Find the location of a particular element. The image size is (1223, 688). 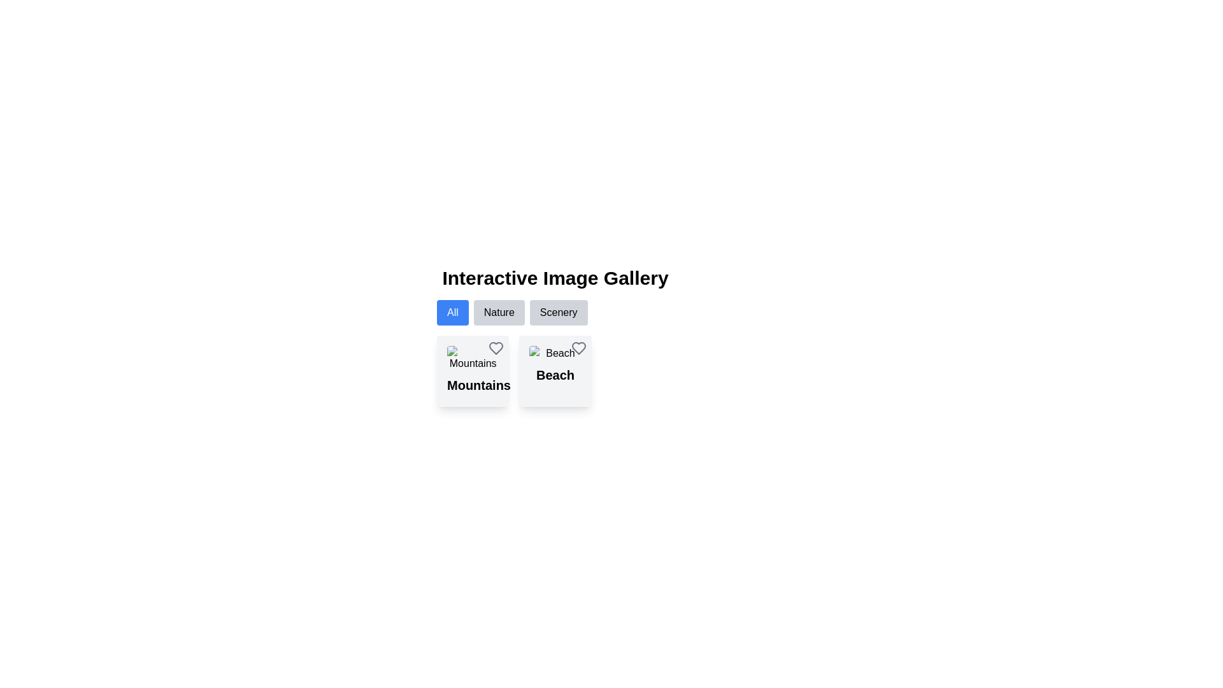

the 'Scenery' button, which is the third button in a horizontal row below the 'Interactive Image Gallery', to apply the scenery filter is located at coordinates (559, 312).